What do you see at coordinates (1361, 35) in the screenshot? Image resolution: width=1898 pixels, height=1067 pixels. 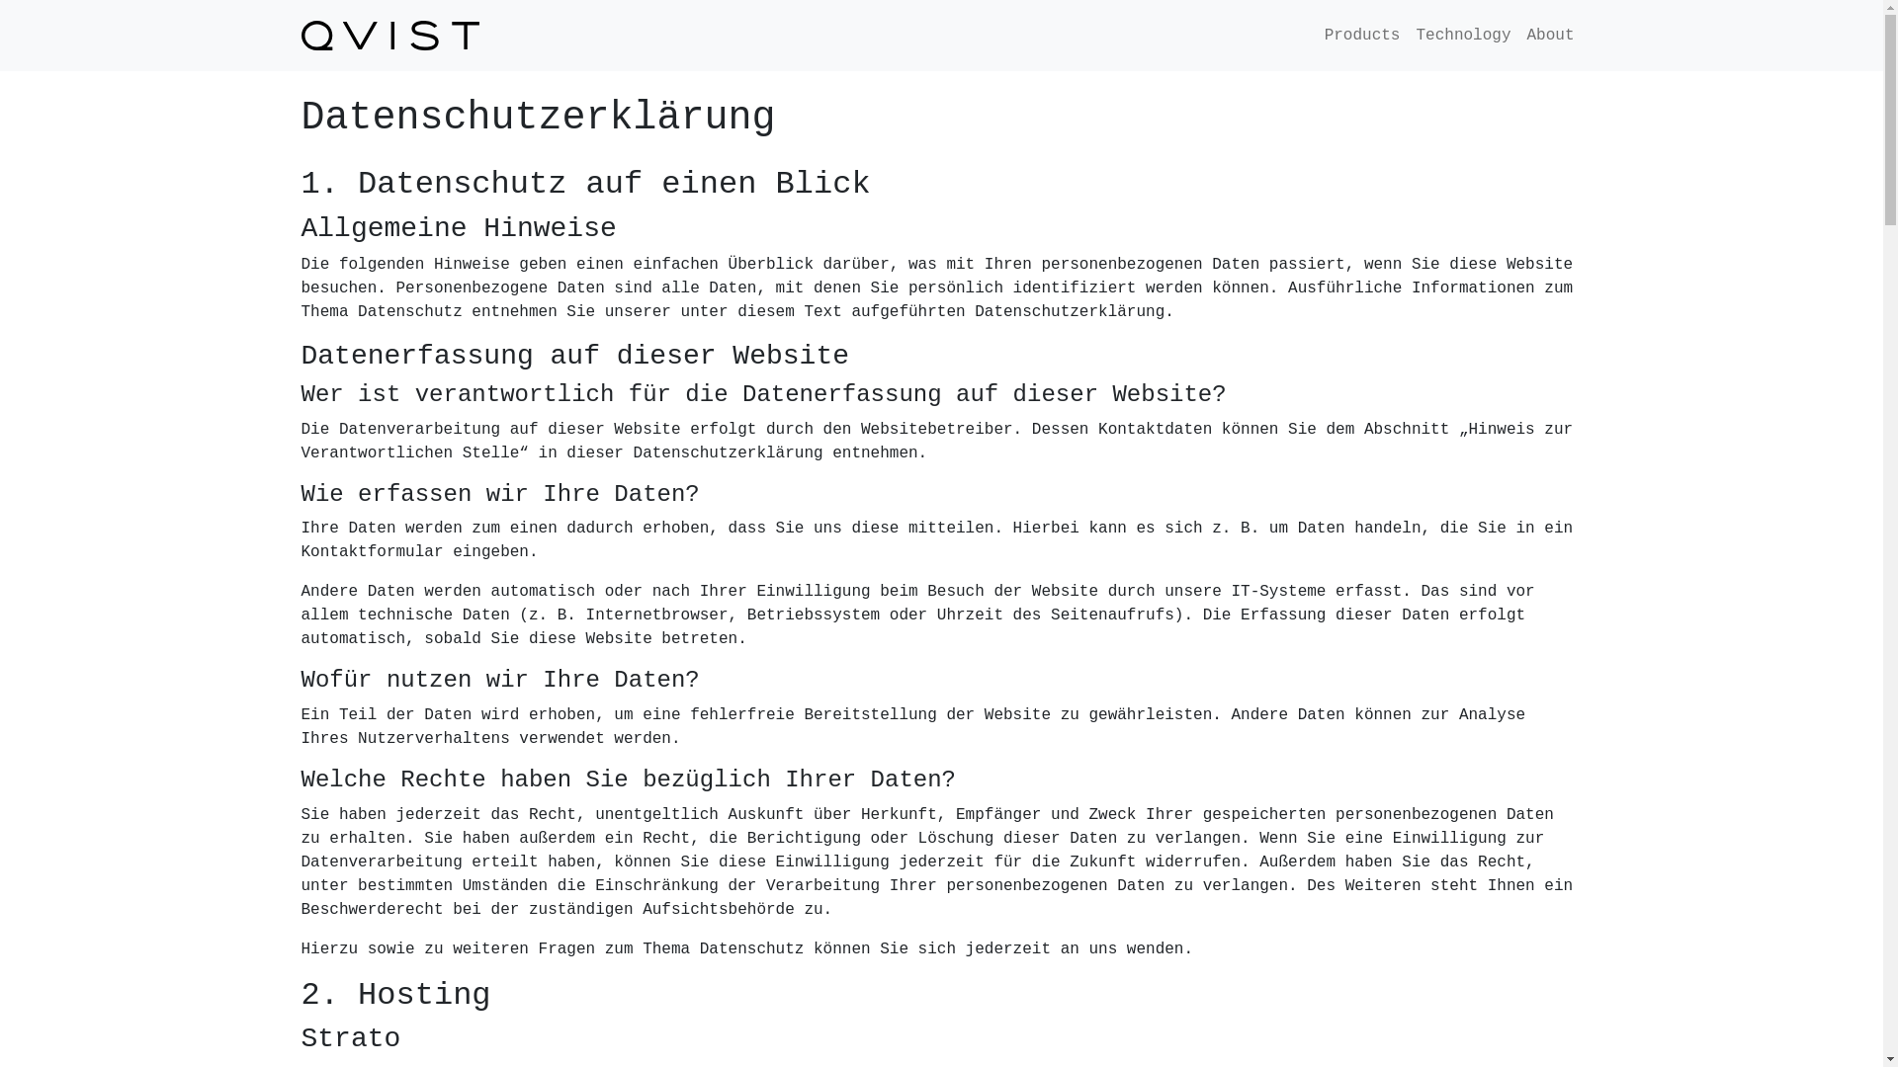 I see `'Products'` at bounding box center [1361, 35].